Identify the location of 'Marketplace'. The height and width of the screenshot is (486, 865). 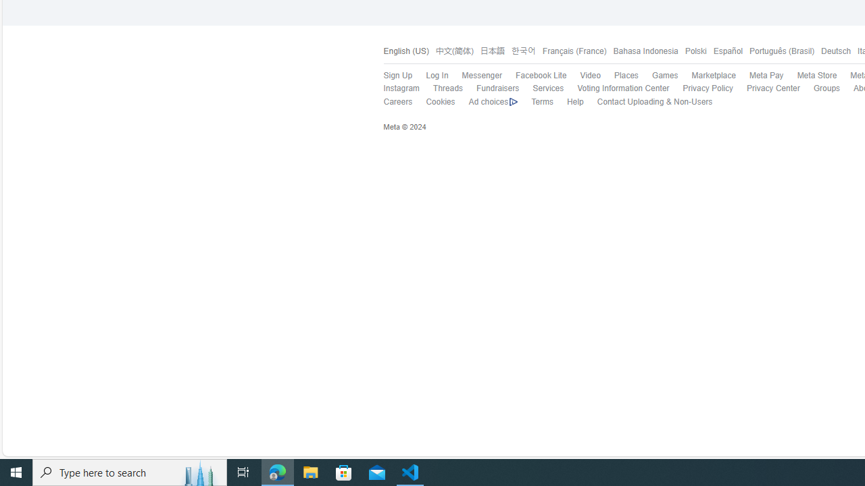
(713, 76).